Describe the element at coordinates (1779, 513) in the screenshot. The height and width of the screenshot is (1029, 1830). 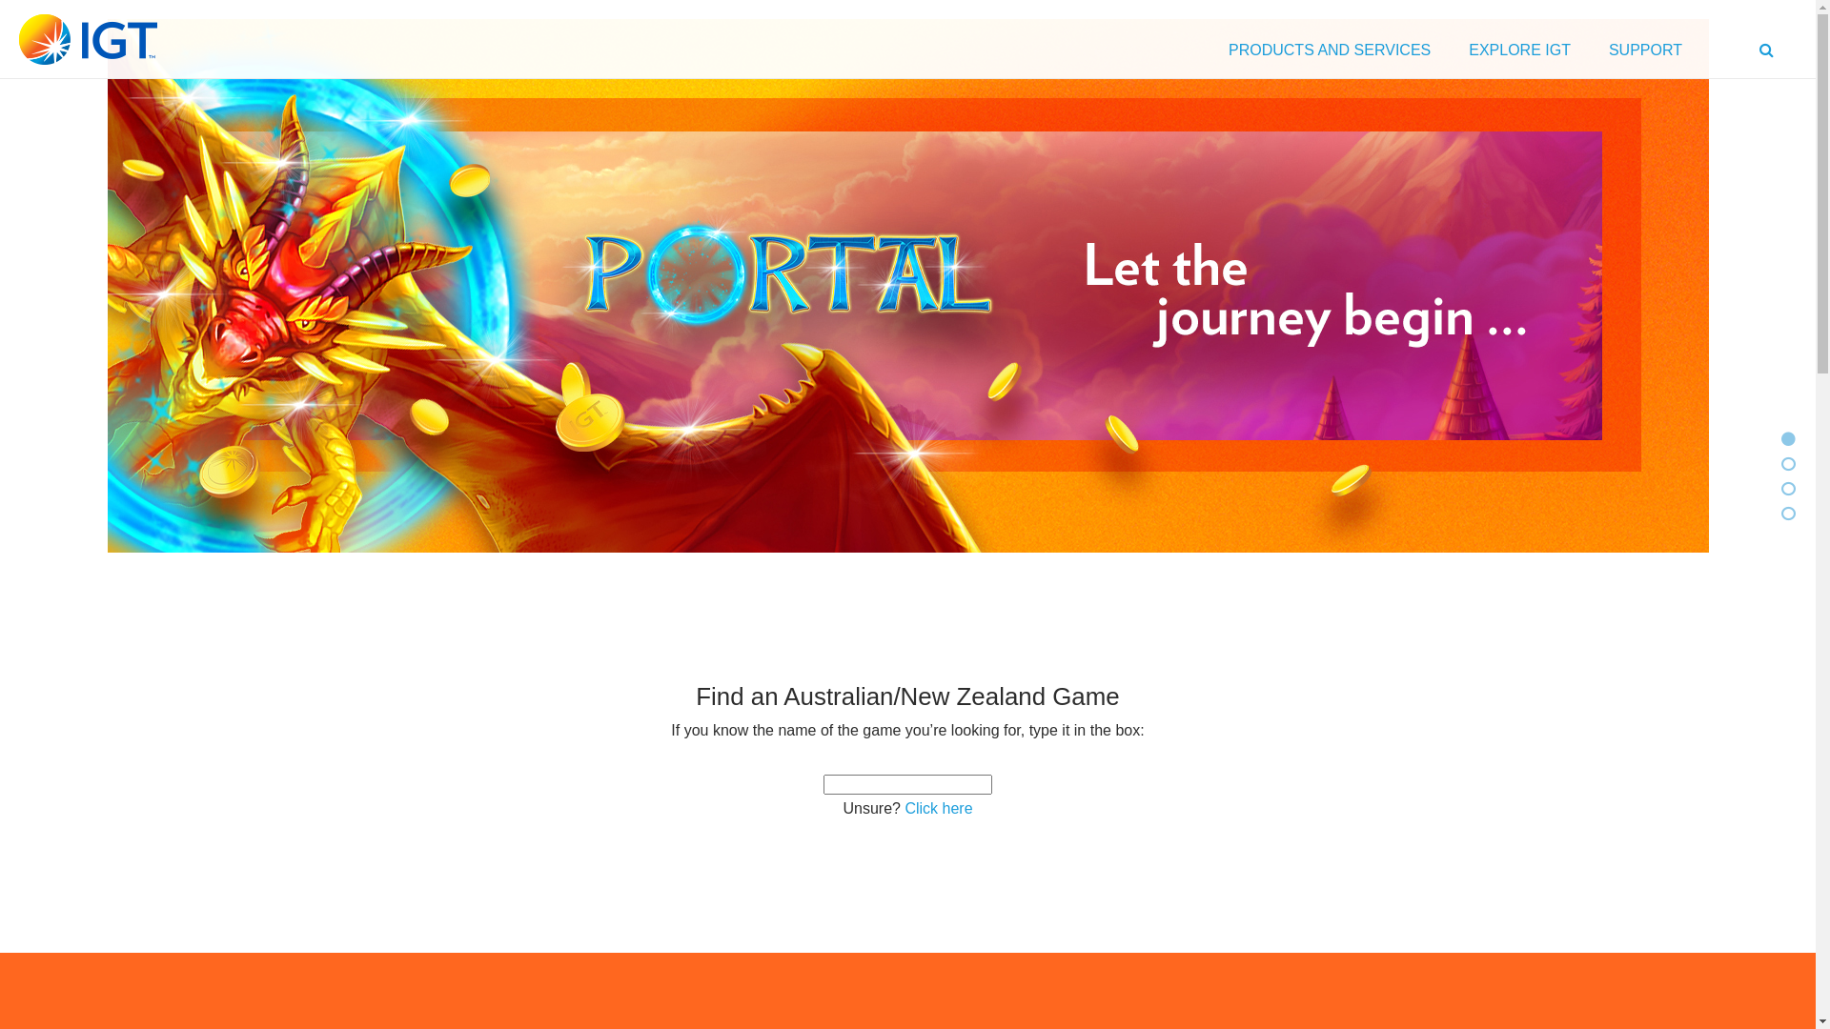
I see `'Industry Leading Products & Services'` at that location.